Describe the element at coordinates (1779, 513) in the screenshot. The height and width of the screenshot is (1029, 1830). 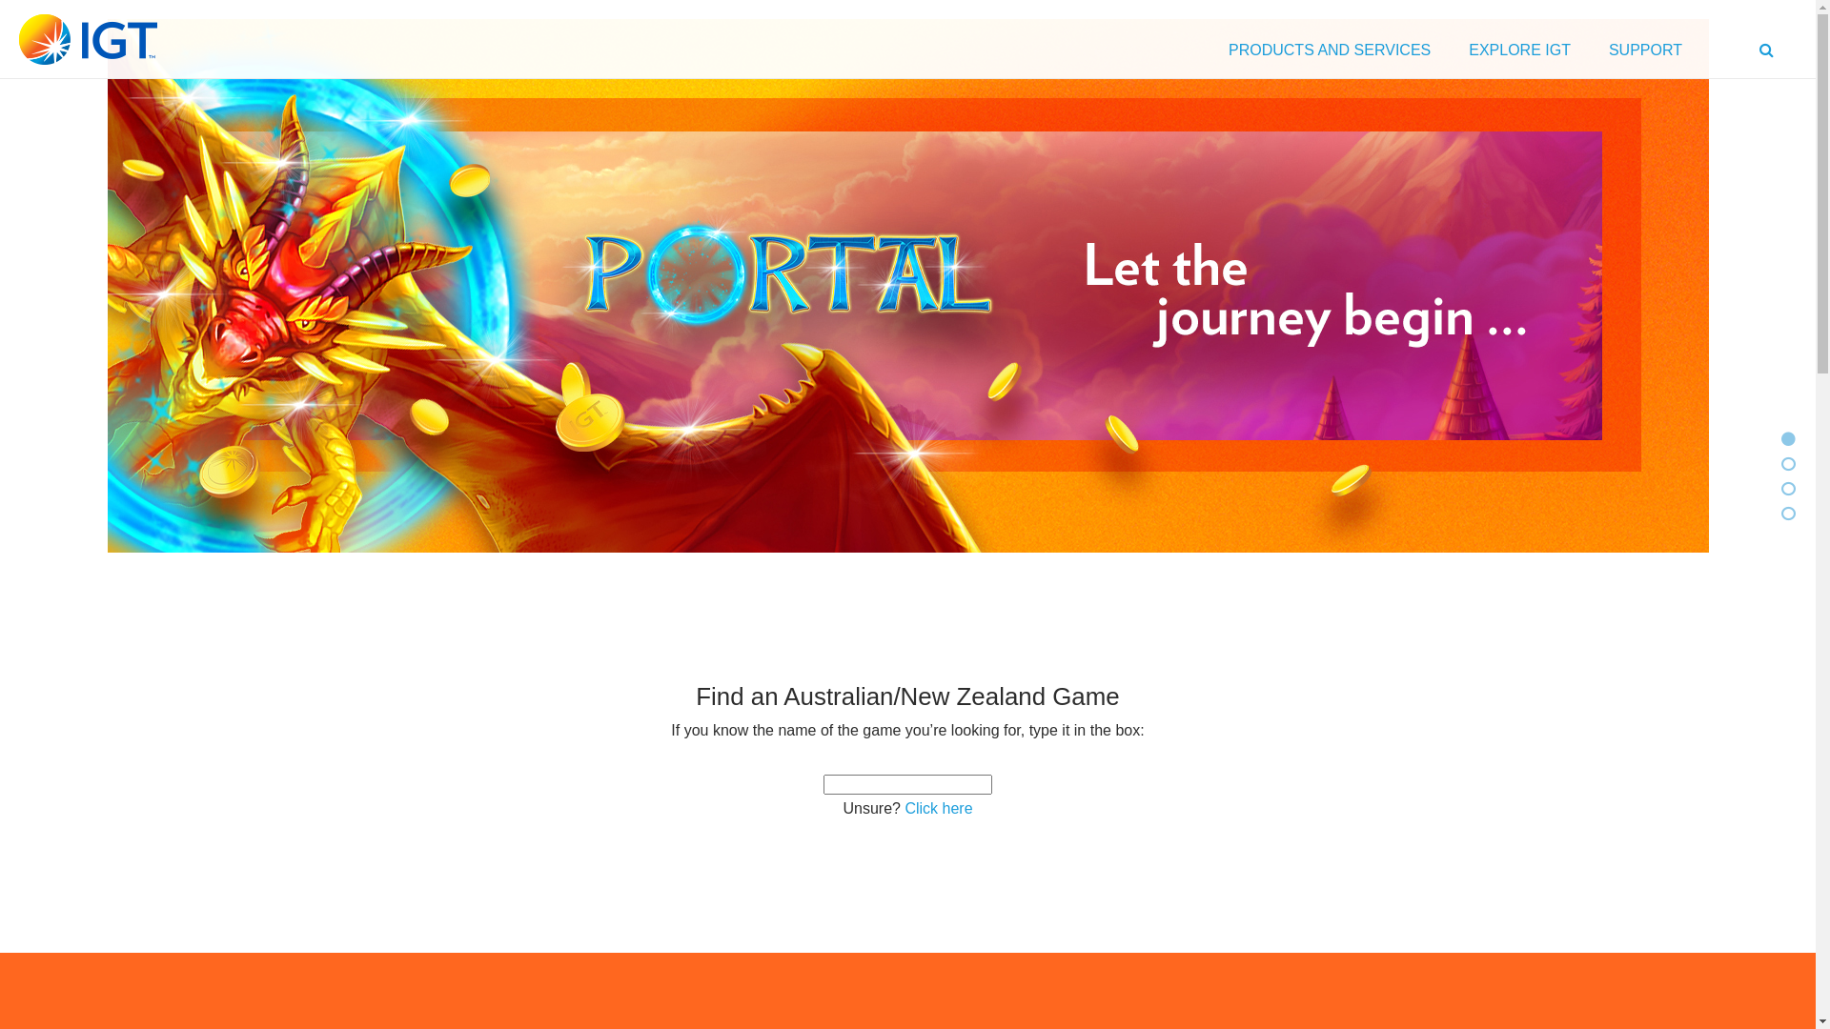
I see `'Industry Leading Products & Services'` at that location.